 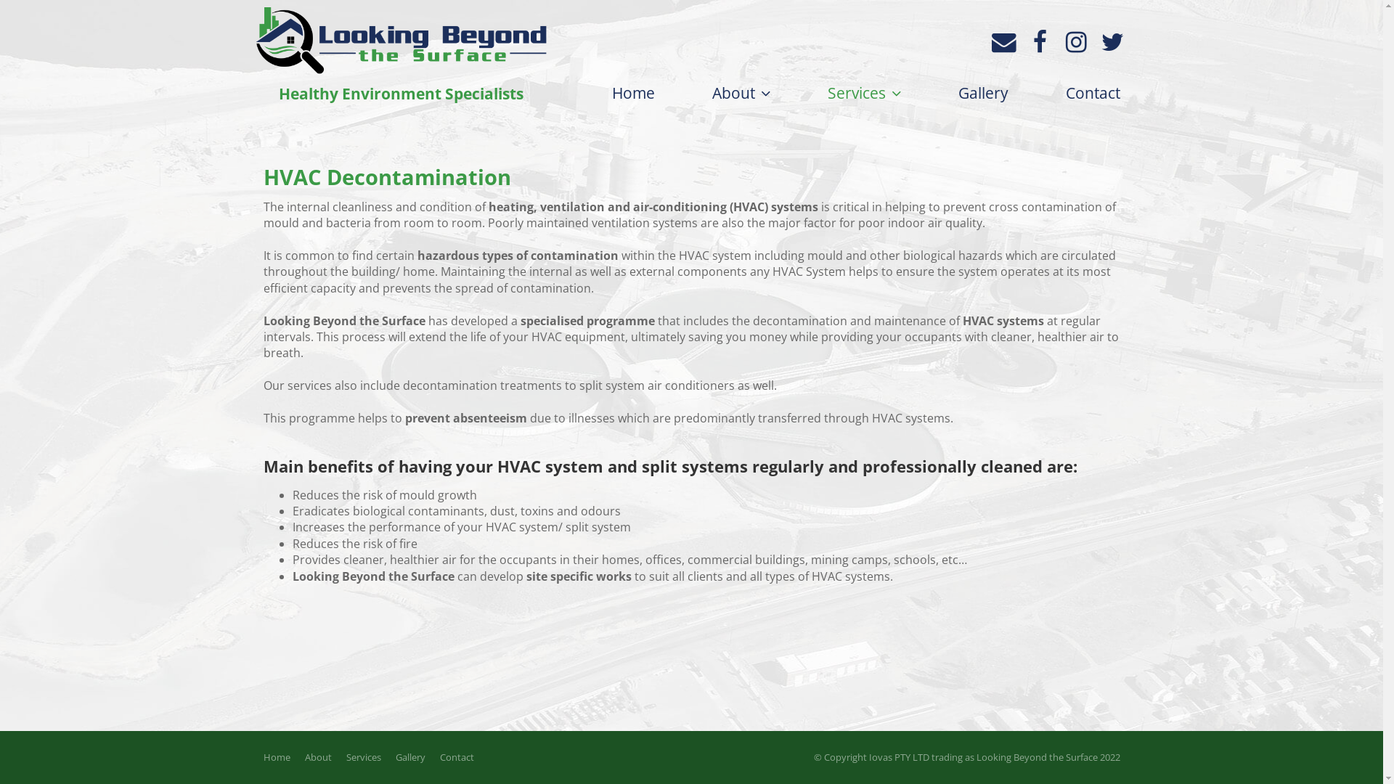 What do you see at coordinates (603, 92) in the screenshot?
I see `'Home'` at bounding box center [603, 92].